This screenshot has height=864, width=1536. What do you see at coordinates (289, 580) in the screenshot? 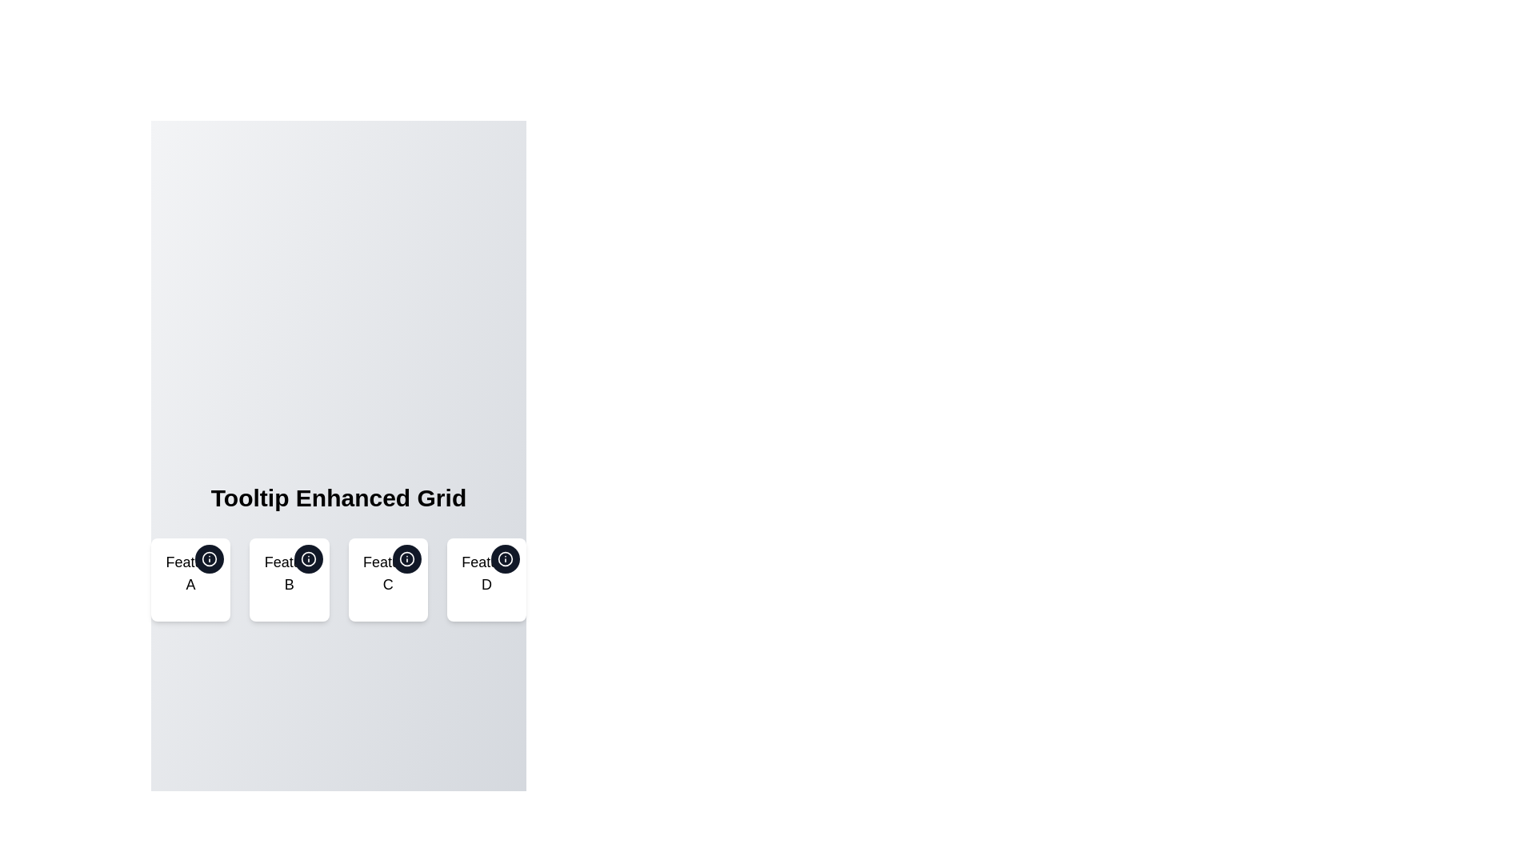
I see `the second card in the grid labeled 'Feature B'` at bounding box center [289, 580].